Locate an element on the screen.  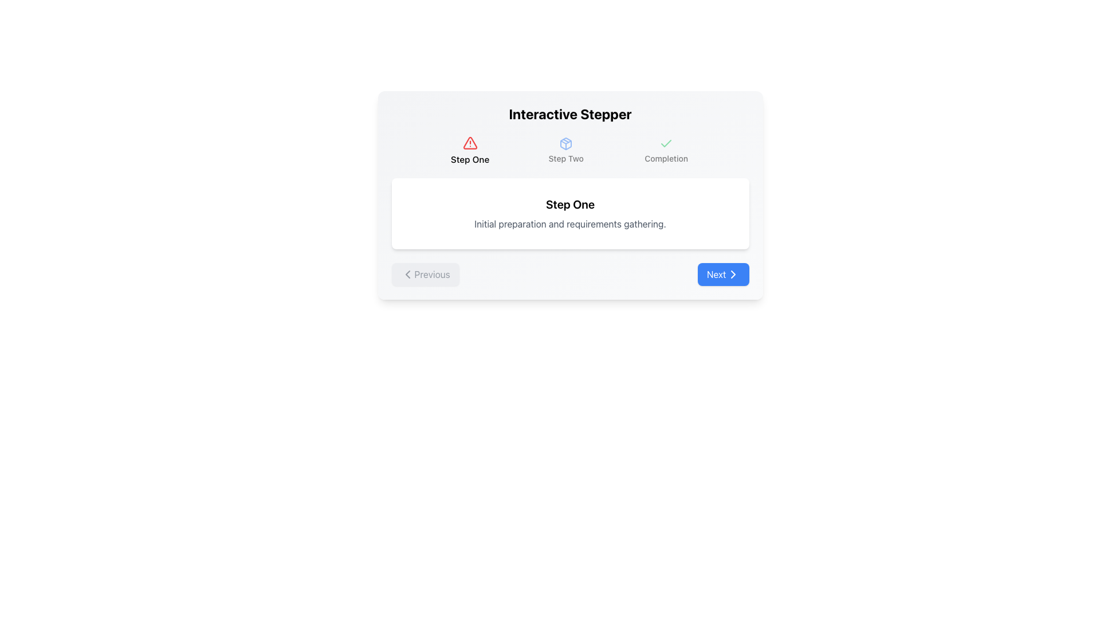
the left-pointing chevron icon located within the 'Previous' button at the bottom-left corner of the interactive stepper interface is located at coordinates (407, 274).